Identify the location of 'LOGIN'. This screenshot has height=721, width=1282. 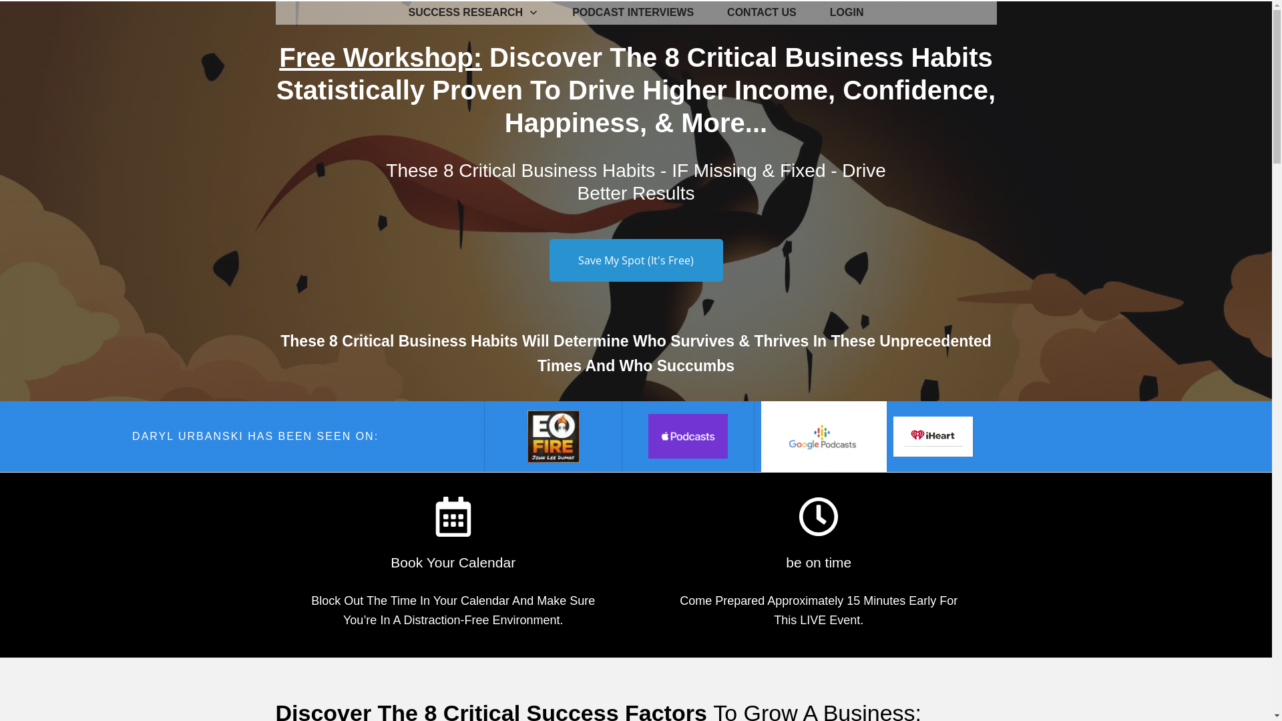
(846, 13).